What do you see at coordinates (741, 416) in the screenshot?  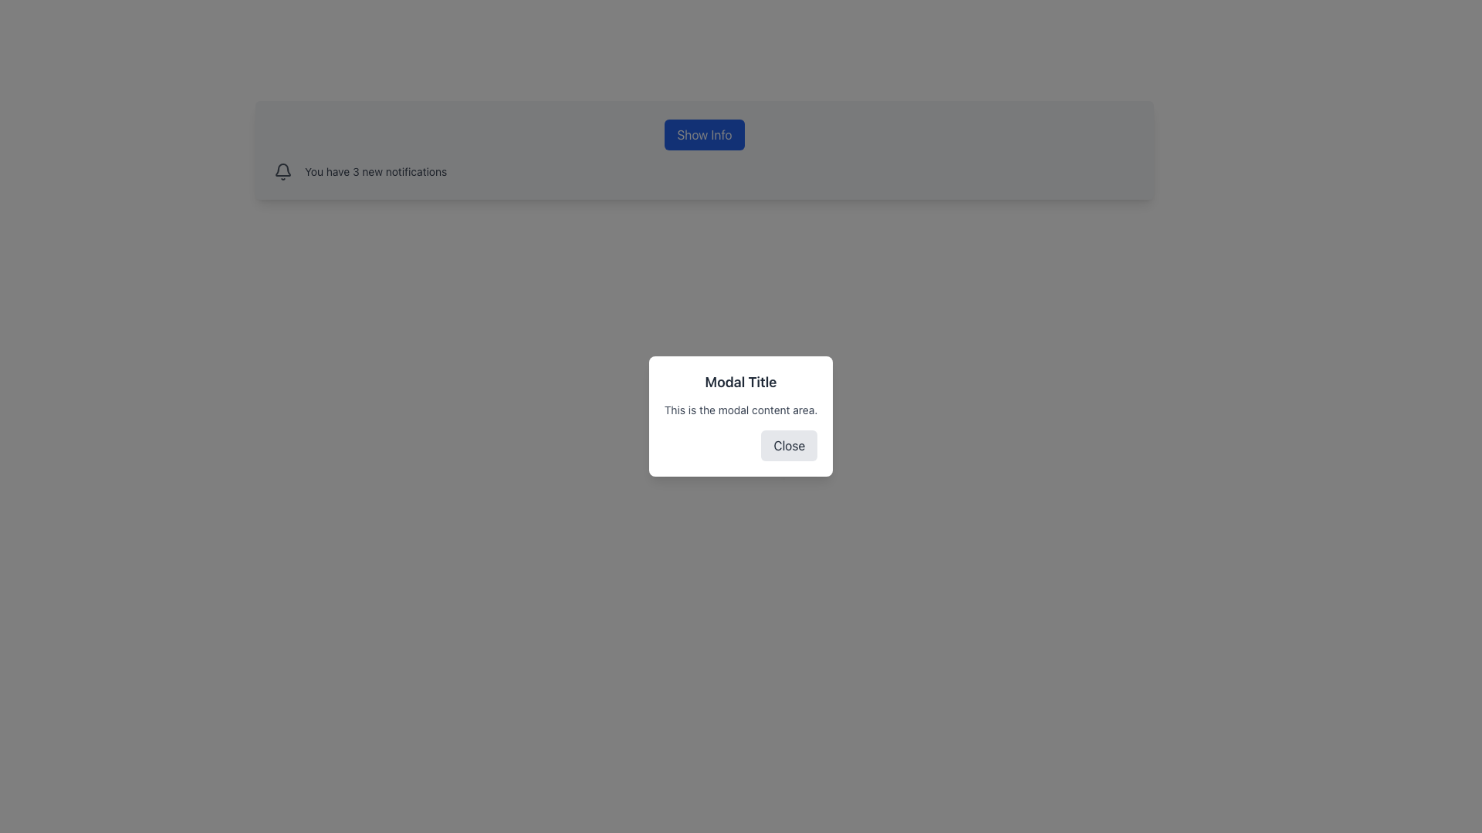 I see `title and content text from the modal dialog box, which has a bold title 'Modal Title' and content 'This is the modal content area.'` at bounding box center [741, 416].